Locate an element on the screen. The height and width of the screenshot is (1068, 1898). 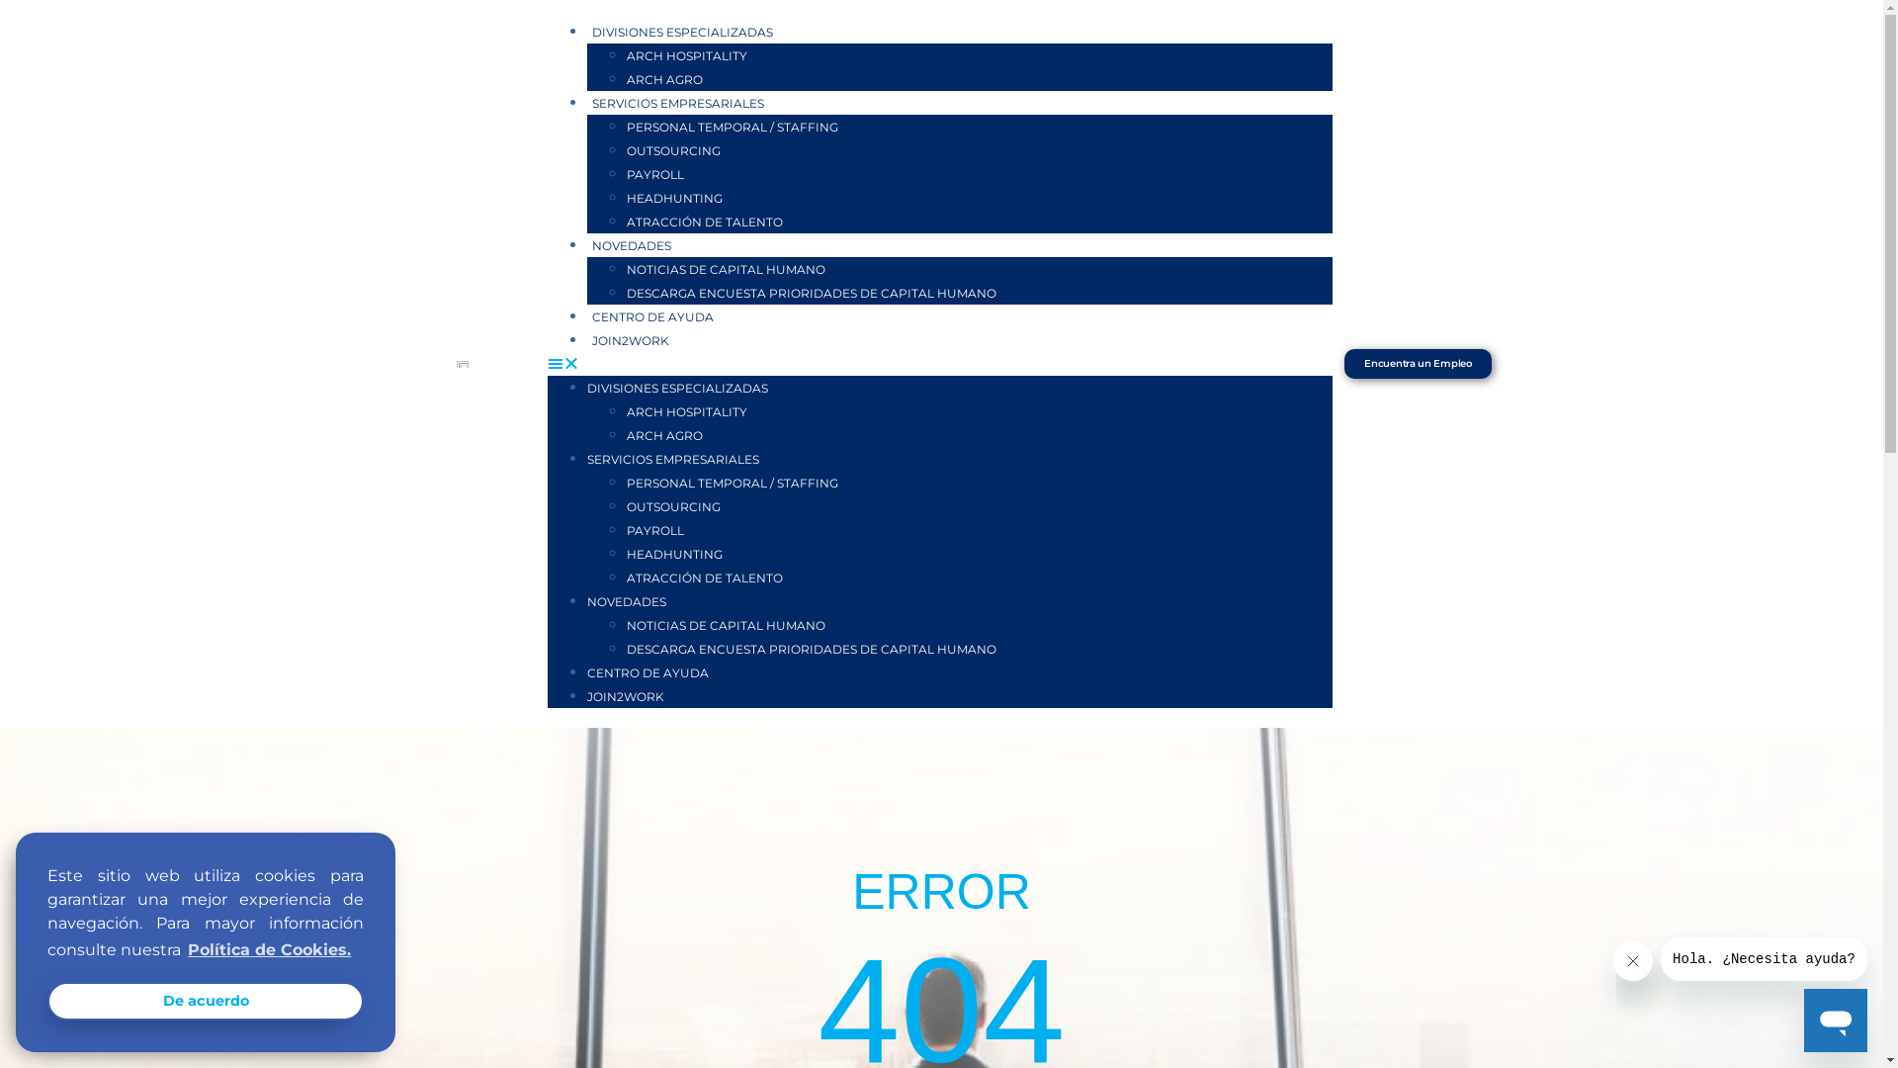
'PAYROLL' is located at coordinates (654, 529).